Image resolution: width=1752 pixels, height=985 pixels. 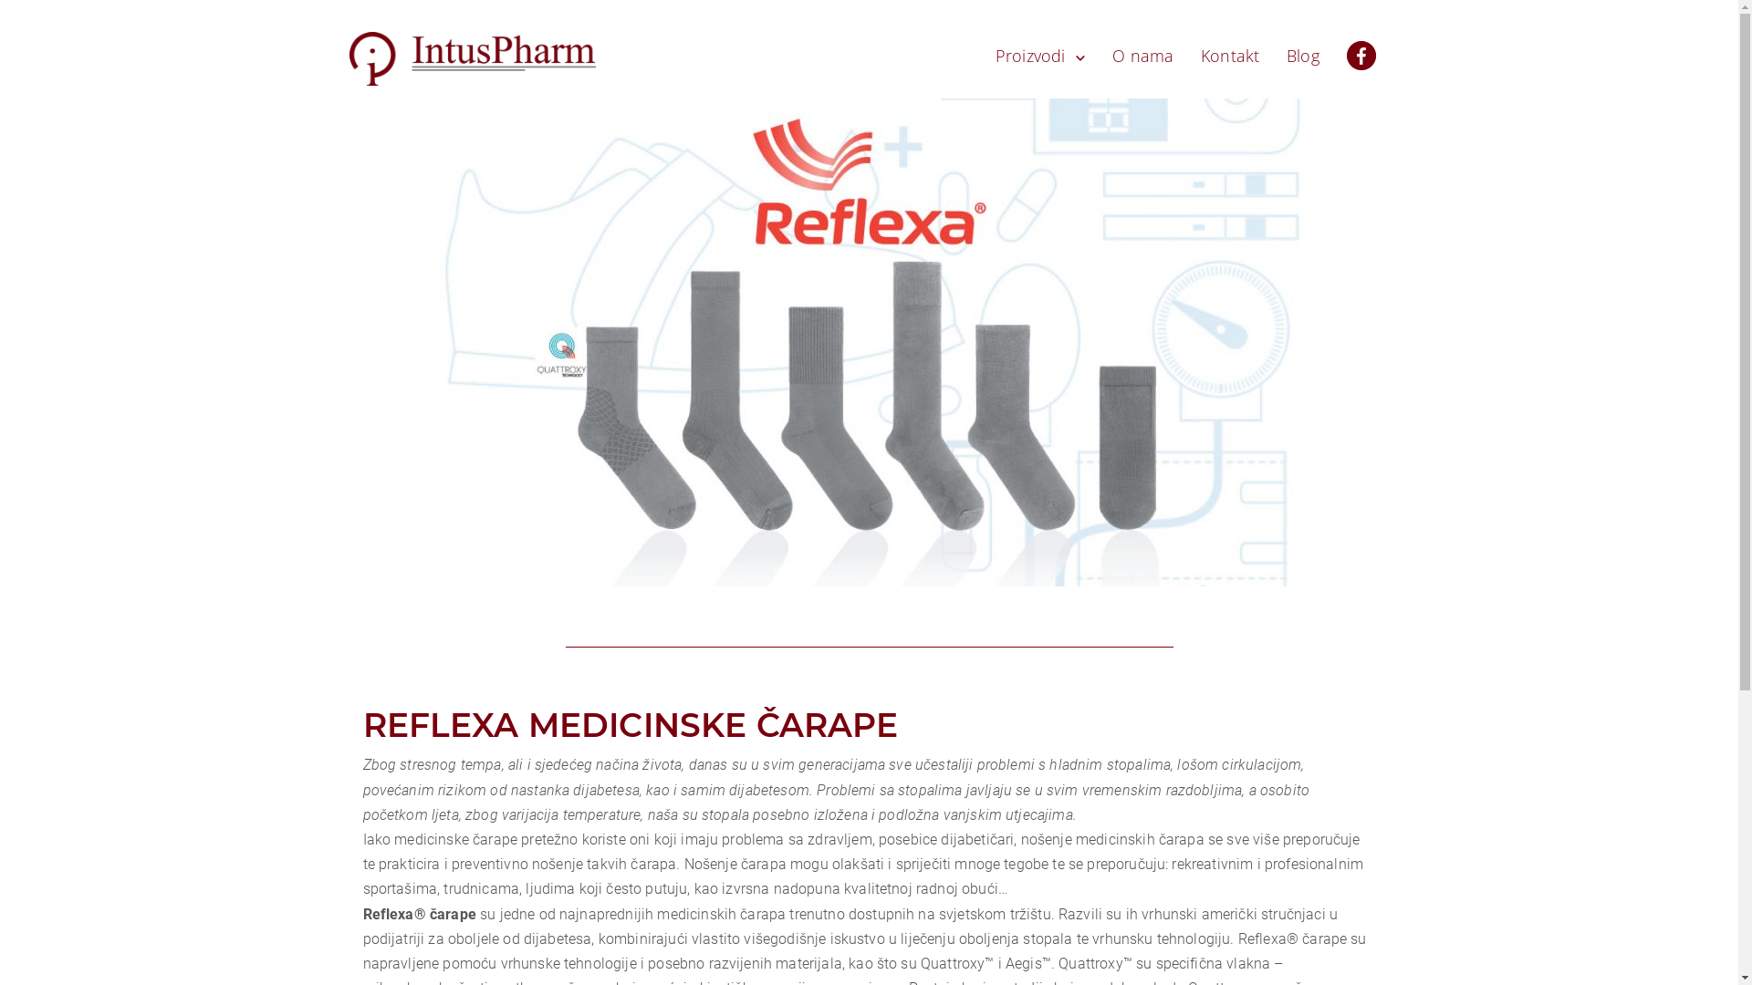 I want to click on 'Kontakt', so click(x=1230, y=55).